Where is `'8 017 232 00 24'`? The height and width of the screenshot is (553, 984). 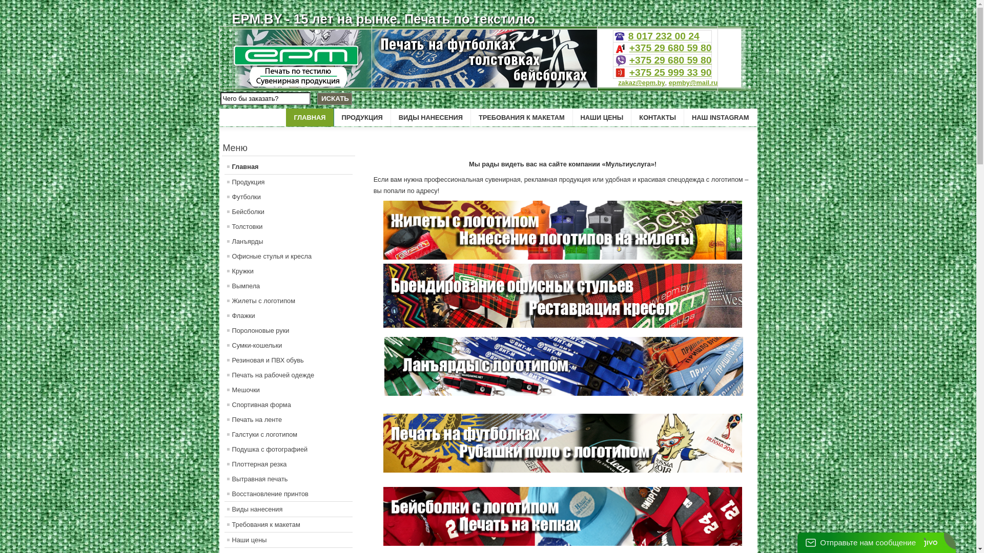 '8 017 232 00 24' is located at coordinates (627, 35).